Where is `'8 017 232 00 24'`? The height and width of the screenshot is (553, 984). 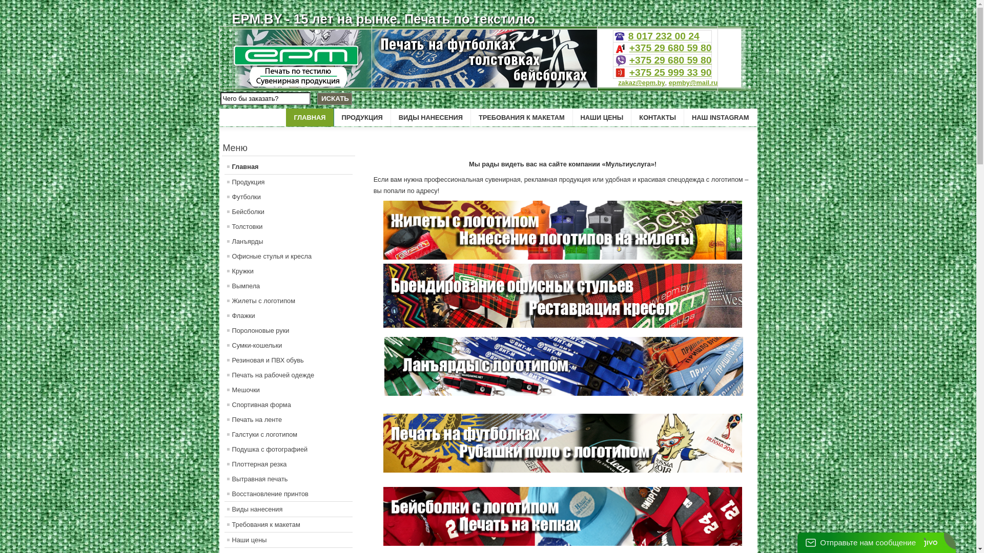 '8 017 232 00 24' is located at coordinates (627, 35).